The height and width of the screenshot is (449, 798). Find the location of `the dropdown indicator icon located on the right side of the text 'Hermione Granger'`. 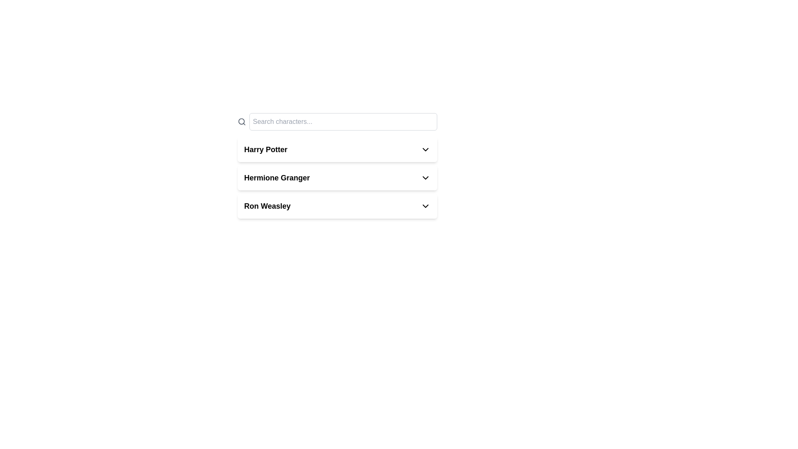

the dropdown indicator icon located on the right side of the text 'Hermione Granger' is located at coordinates (425, 178).